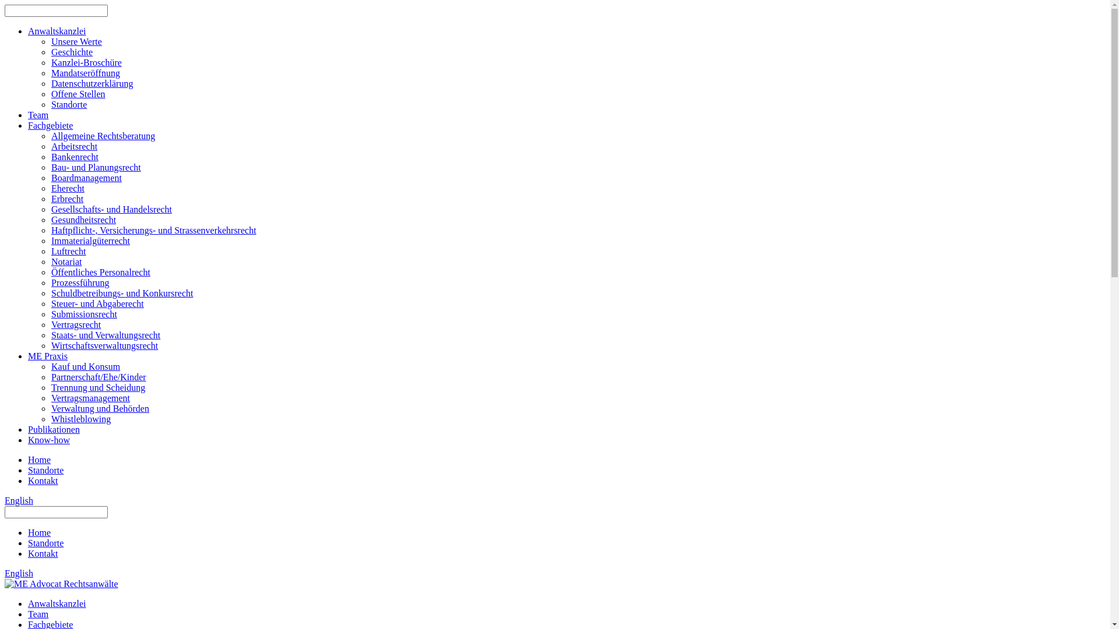 This screenshot has height=629, width=1119. Describe the element at coordinates (39, 532) in the screenshot. I see `'Home'` at that location.